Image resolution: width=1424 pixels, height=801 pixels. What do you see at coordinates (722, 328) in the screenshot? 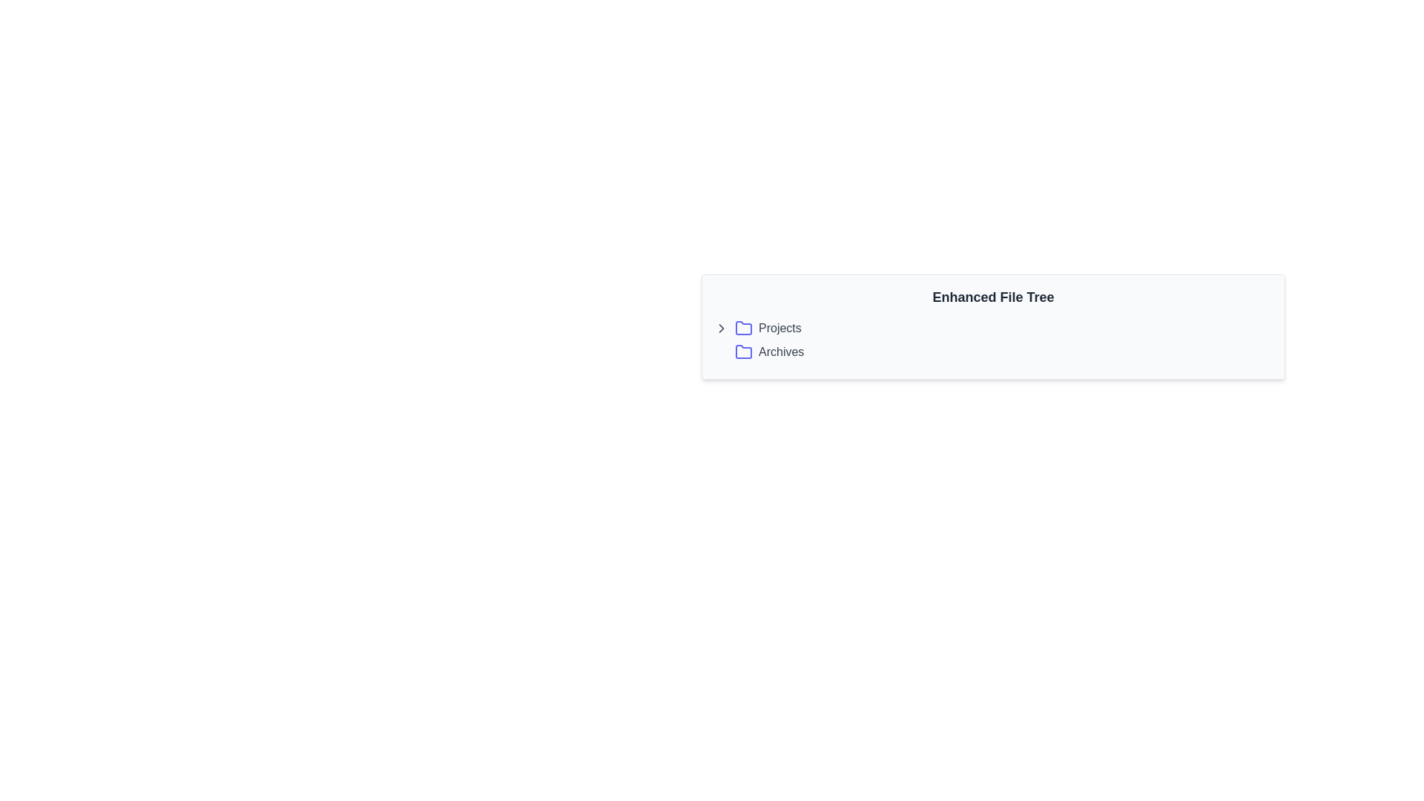
I see `the Chevron icon located near the top-left of the 'Enhanced File Tree' section` at bounding box center [722, 328].